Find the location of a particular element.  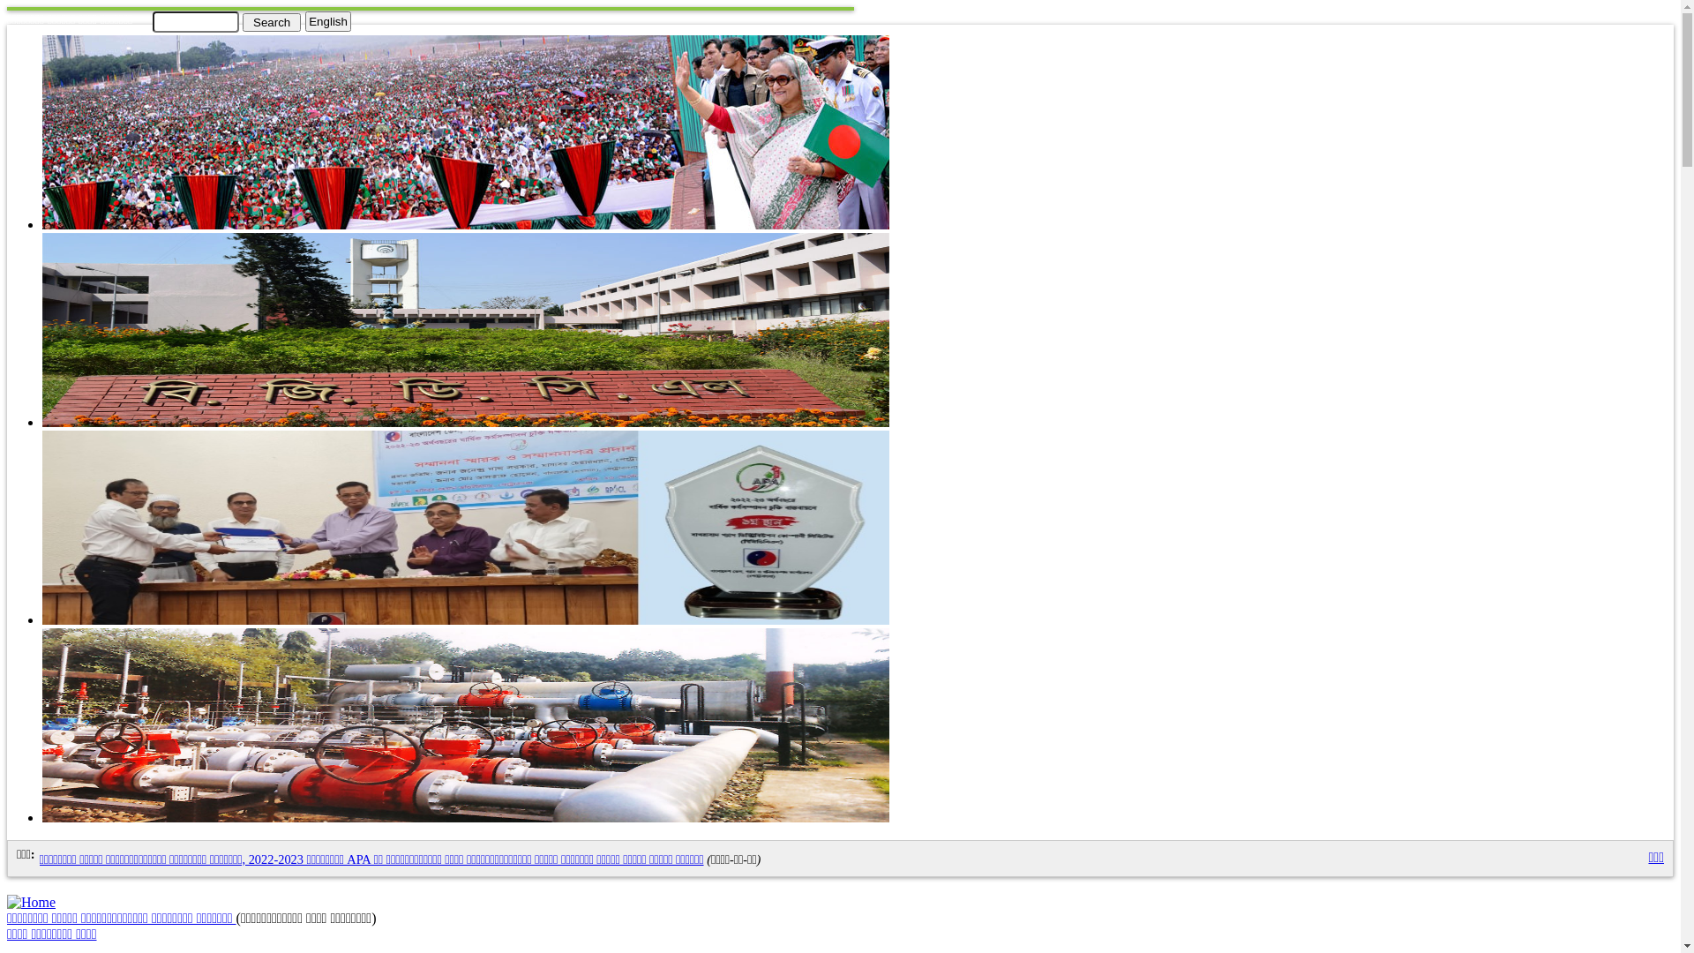

'Home' is located at coordinates (7, 902).